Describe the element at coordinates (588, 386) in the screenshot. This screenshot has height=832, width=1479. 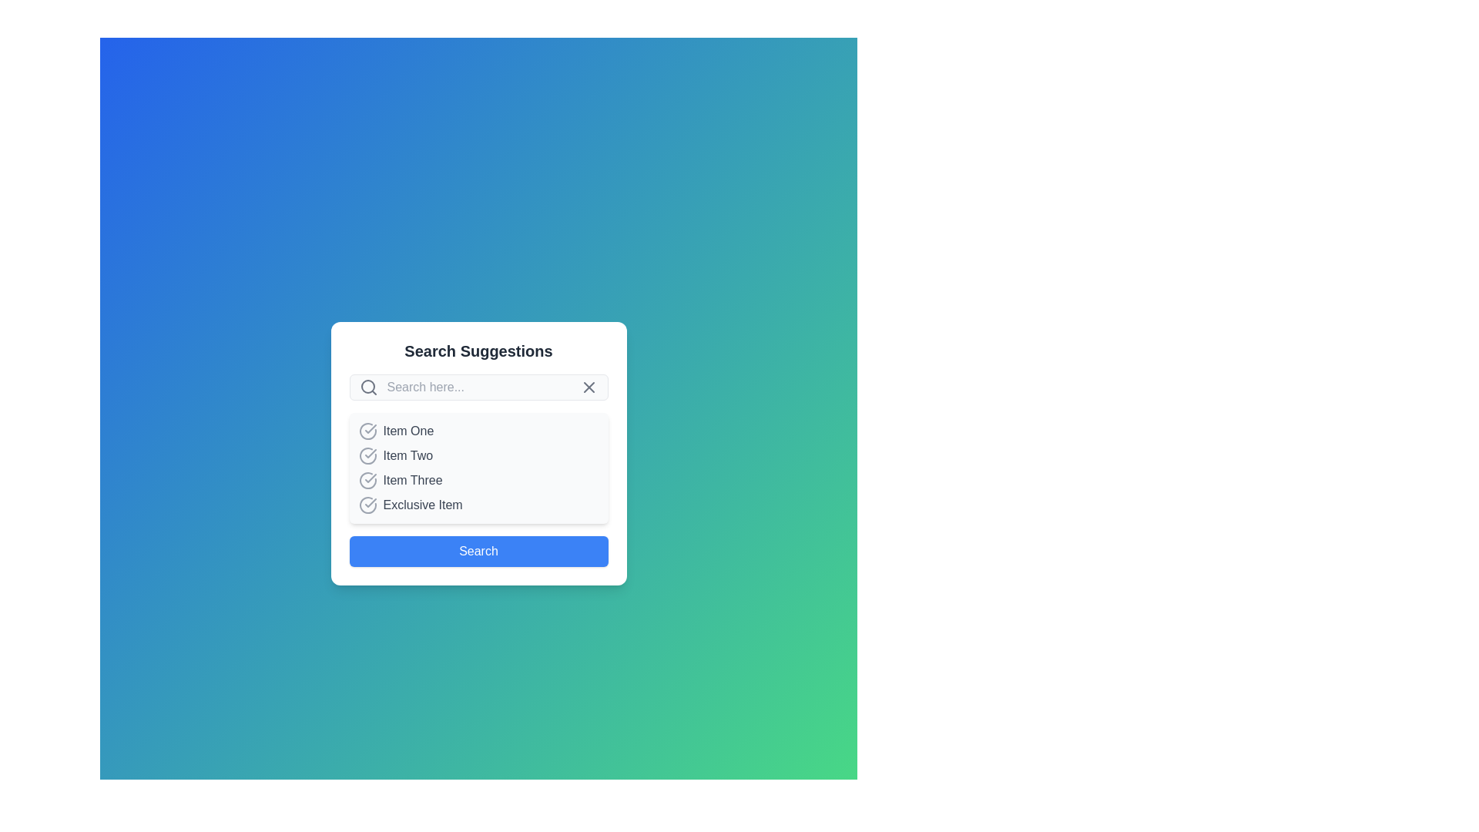
I see `the circular close button with an 'X' symbol located at the rightmost end of the horizontal search bar` at that location.